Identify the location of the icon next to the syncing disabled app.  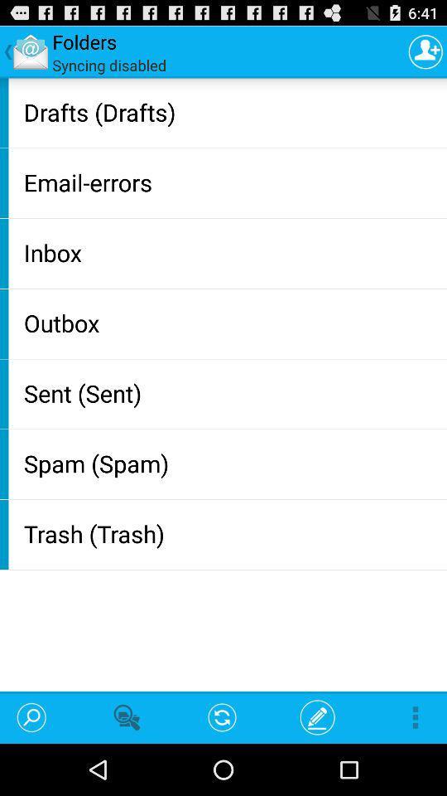
(425, 51).